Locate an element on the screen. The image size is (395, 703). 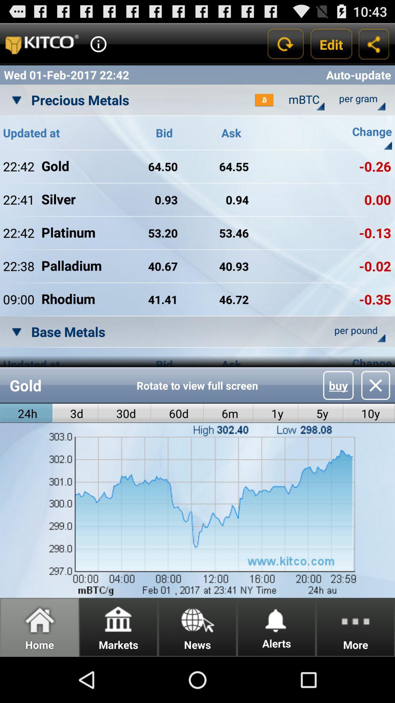
1y icon is located at coordinates (276, 413).